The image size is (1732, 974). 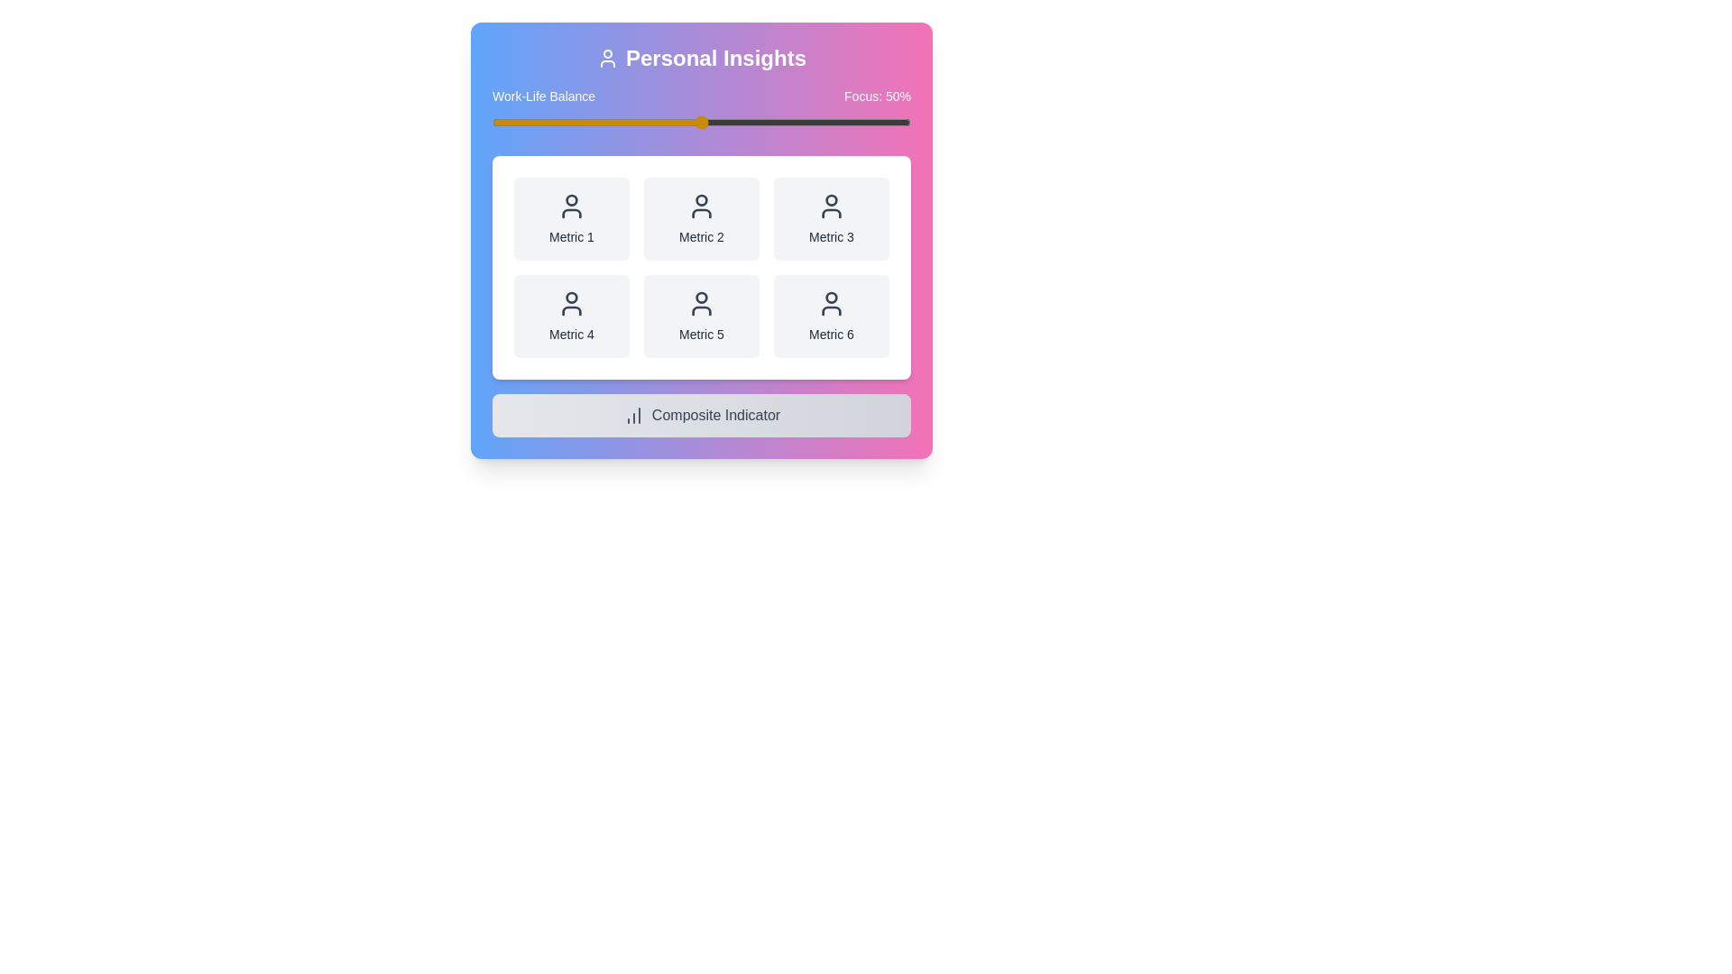 I want to click on the metric card labeled Metric 1, so click(x=570, y=218).